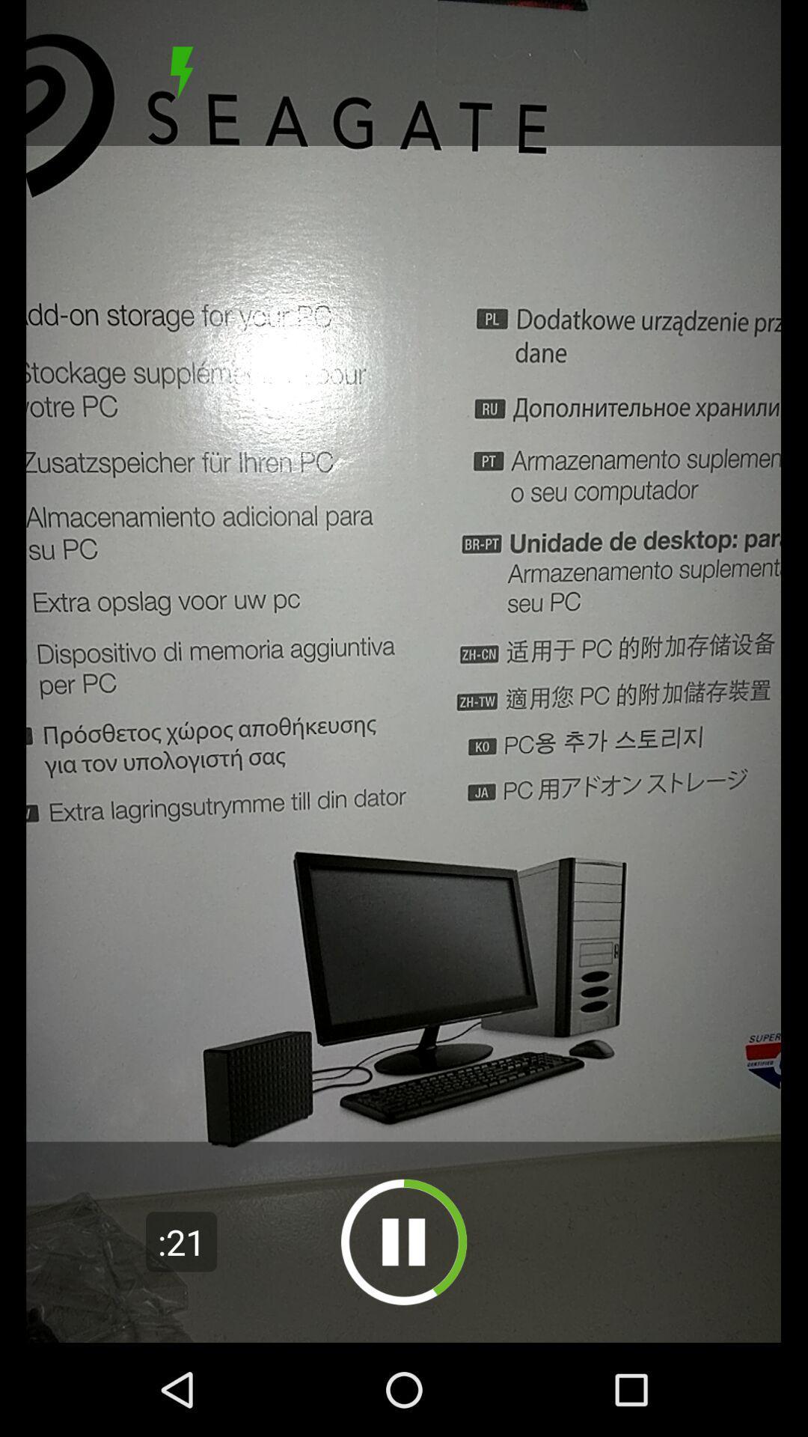 This screenshot has width=808, height=1437. I want to click on stop the play button, so click(181, 72).